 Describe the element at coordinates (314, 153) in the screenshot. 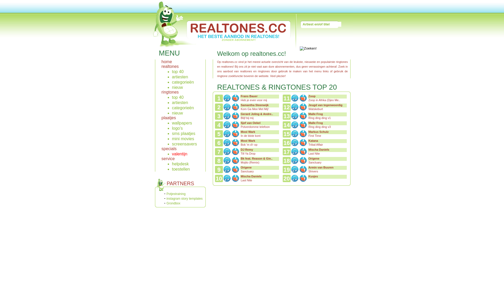

I see `'Last Nite'` at that location.